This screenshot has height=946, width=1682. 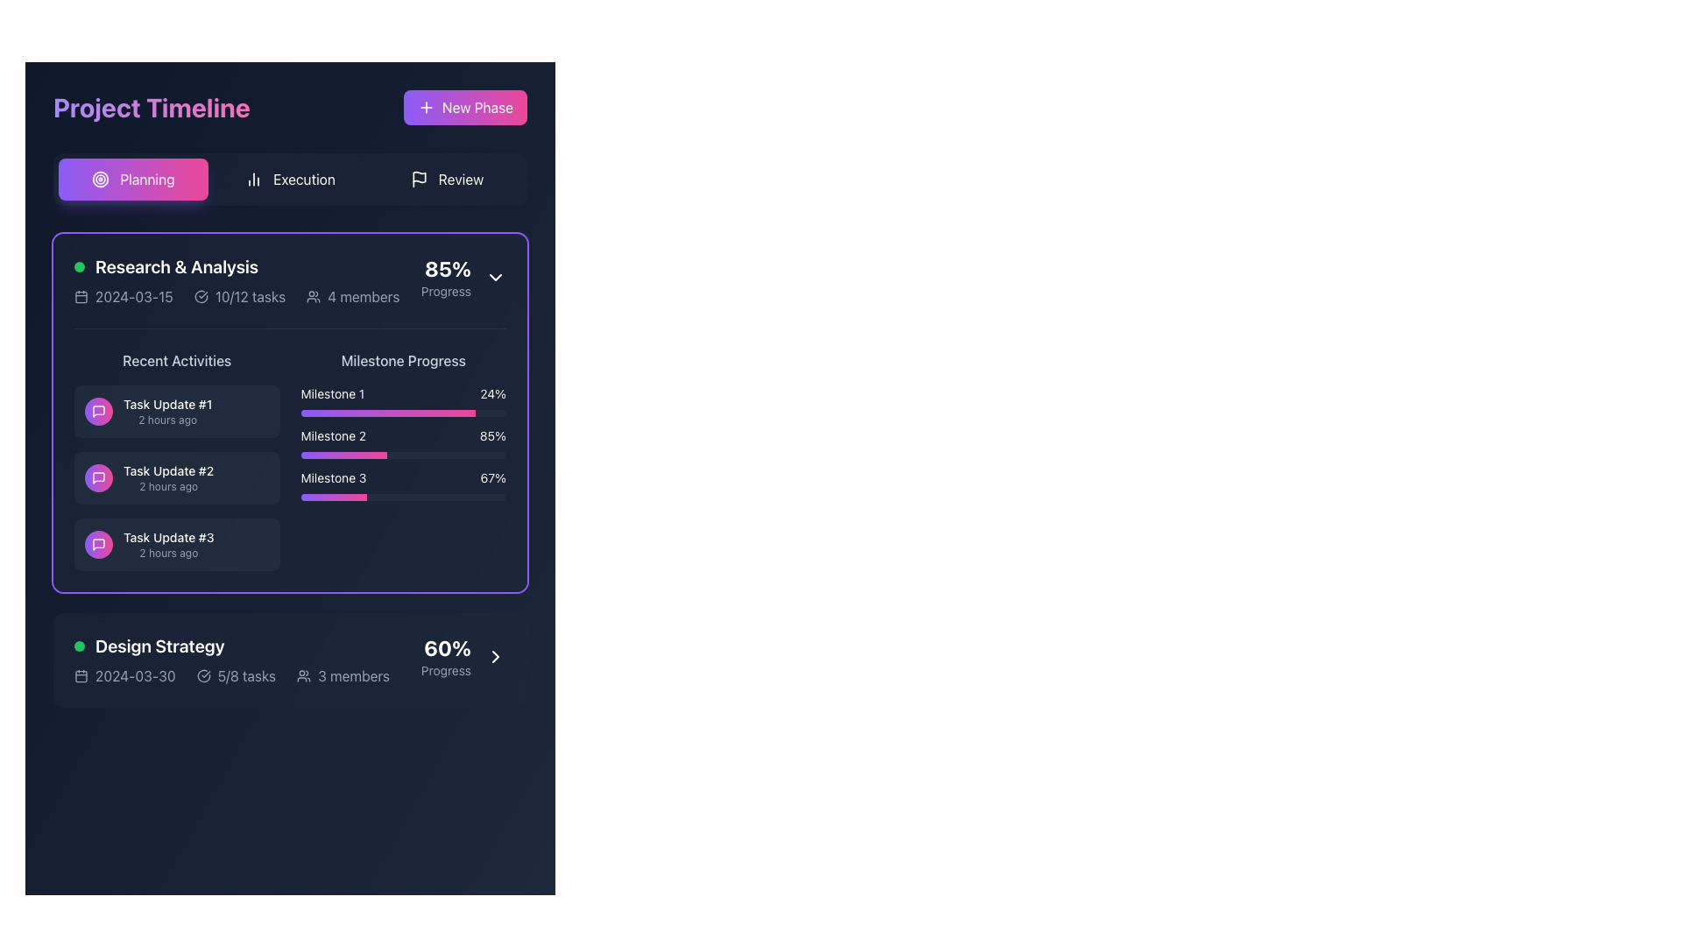 What do you see at coordinates (352, 296) in the screenshot?
I see `text '4 members' from the text with icon element located in the third section of the horizontal list within the 'Research & Analysis' card` at bounding box center [352, 296].